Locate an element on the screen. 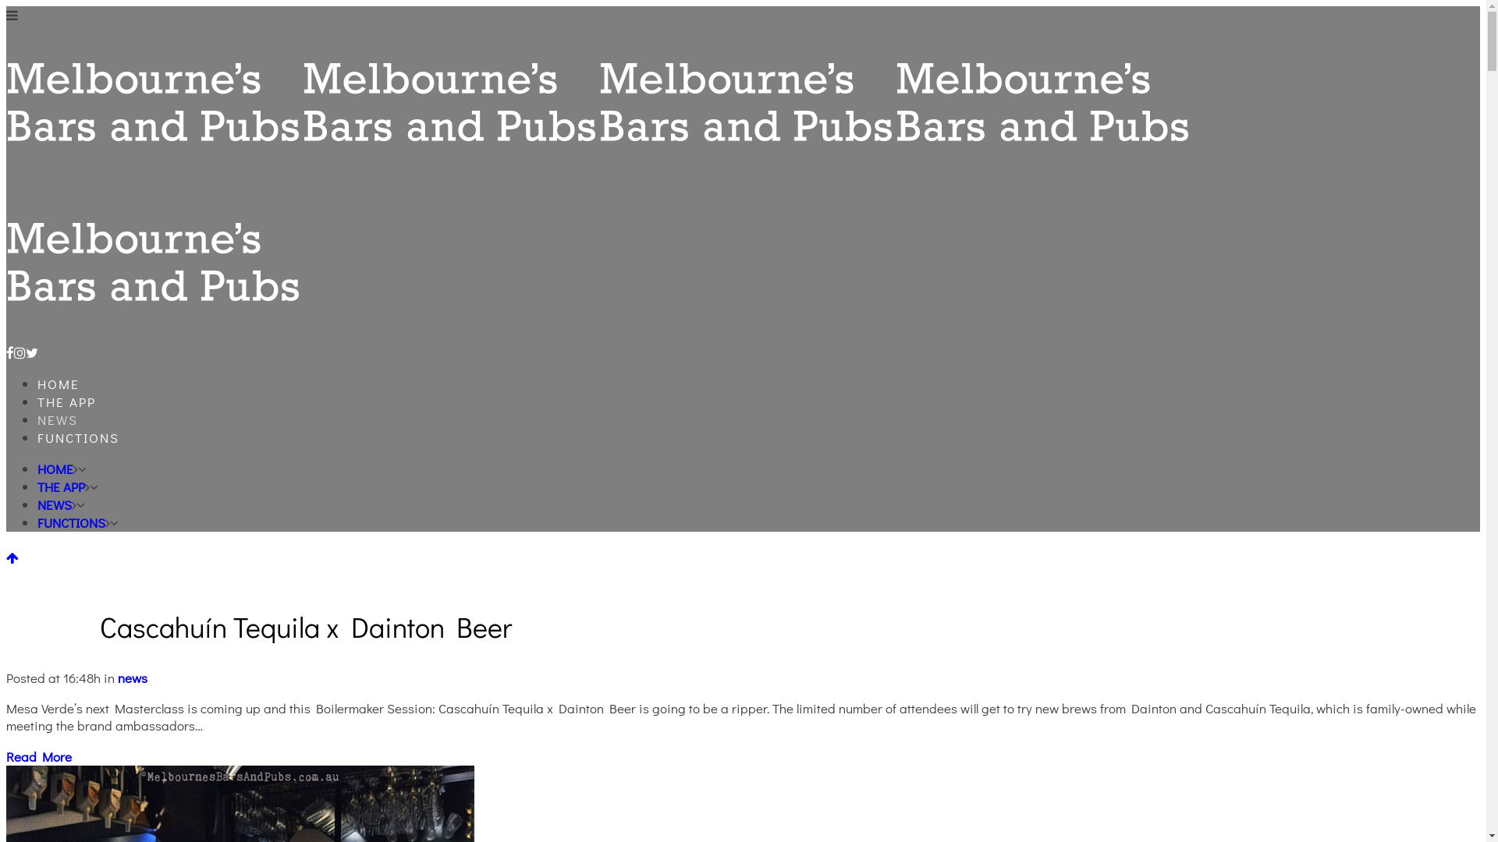  'THE APP' is located at coordinates (61, 486).